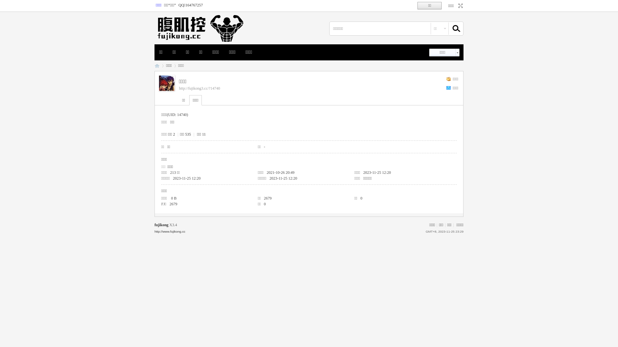 The image size is (618, 347). I want to click on 'http://fujikong3.cc/?14740', so click(199, 88).